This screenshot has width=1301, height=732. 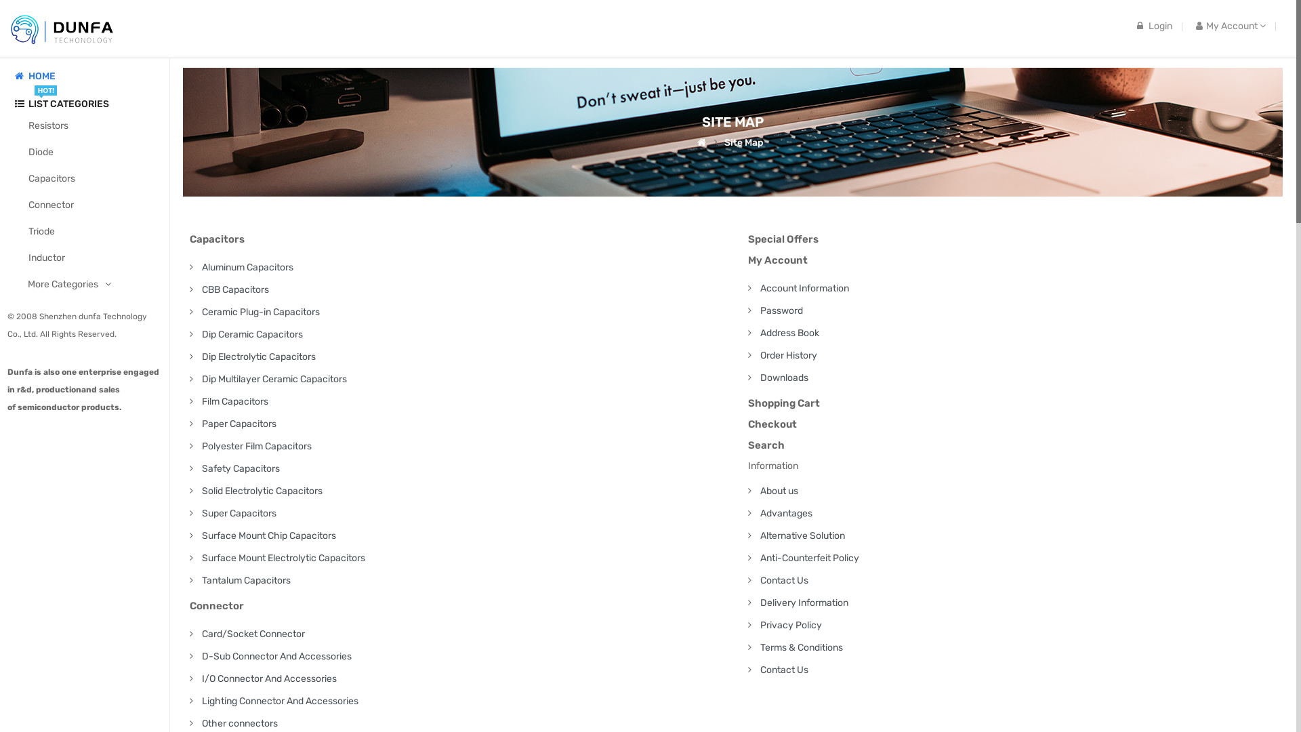 What do you see at coordinates (235, 289) in the screenshot?
I see `'CBB Capacitors'` at bounding box center [235, 289].